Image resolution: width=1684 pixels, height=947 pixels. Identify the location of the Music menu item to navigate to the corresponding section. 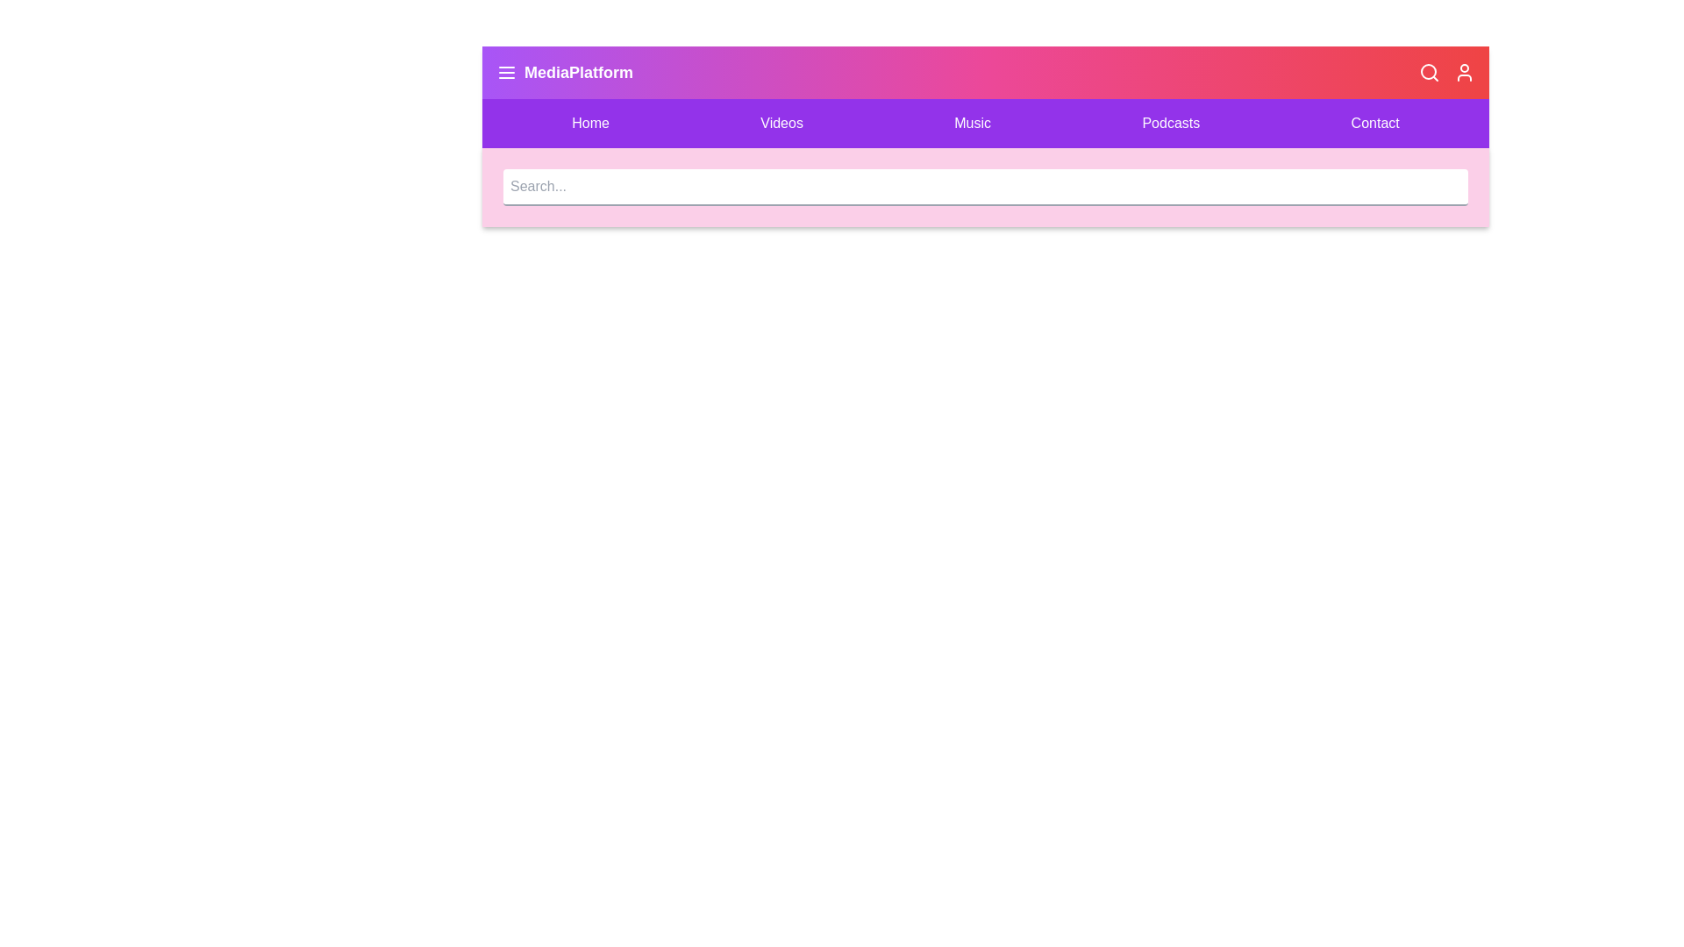
(971, 123).